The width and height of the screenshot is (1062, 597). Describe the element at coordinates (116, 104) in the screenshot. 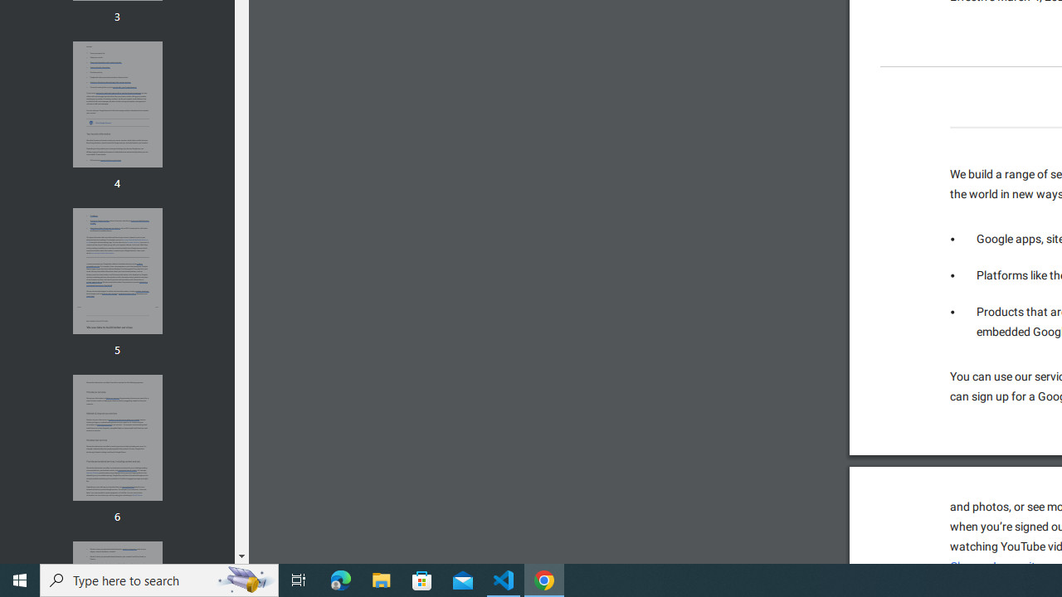

I see `'Thumbnail for page 4'` at that location.